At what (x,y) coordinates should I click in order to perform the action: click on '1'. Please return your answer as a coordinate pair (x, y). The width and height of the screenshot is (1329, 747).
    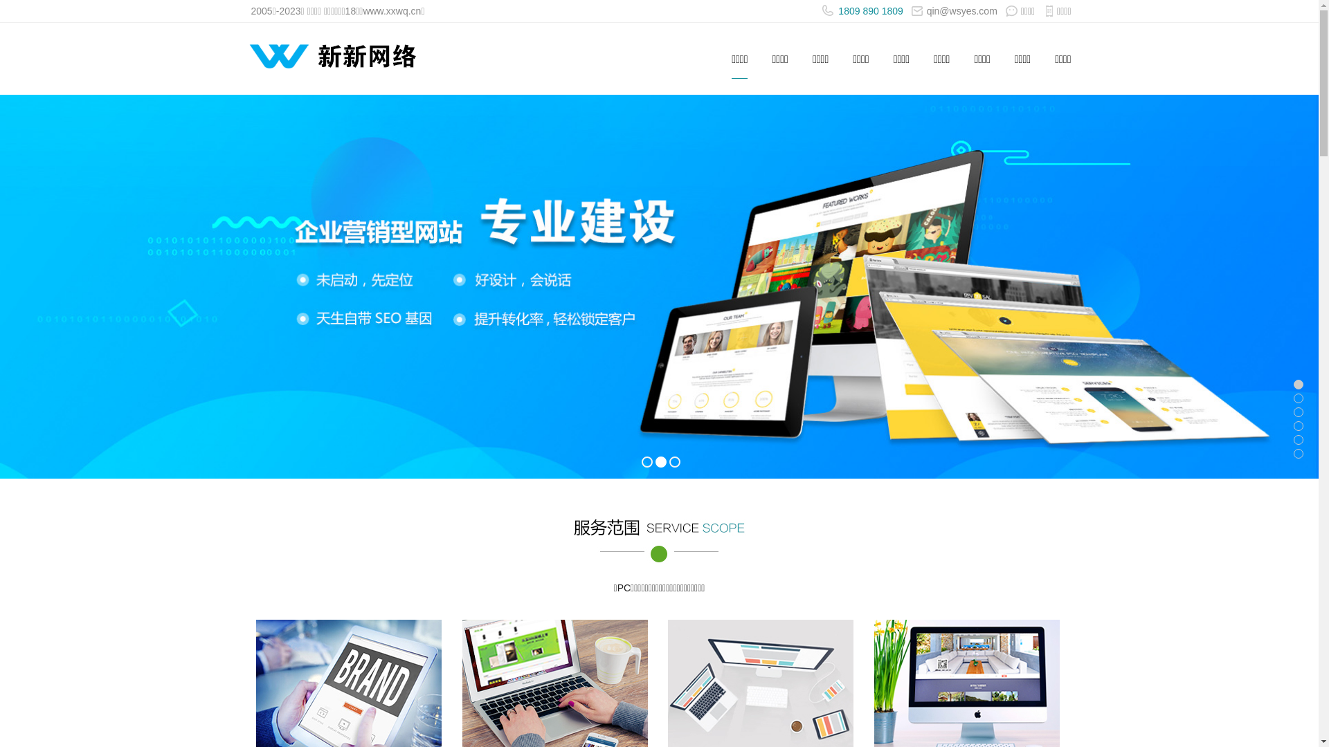
    Looking at the image, I should click on (646, 461).